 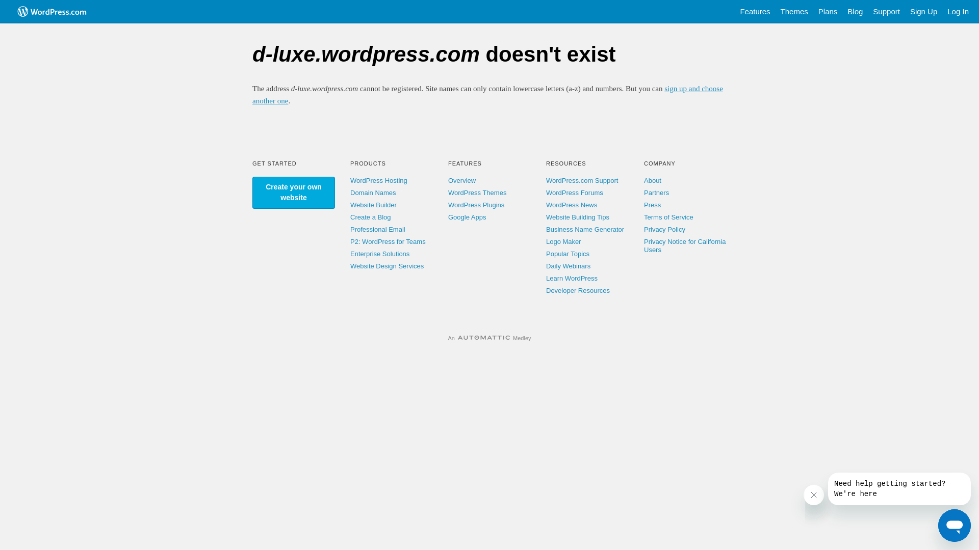 I want to click on 'WordPress Themes', so click(x=477, y=193).